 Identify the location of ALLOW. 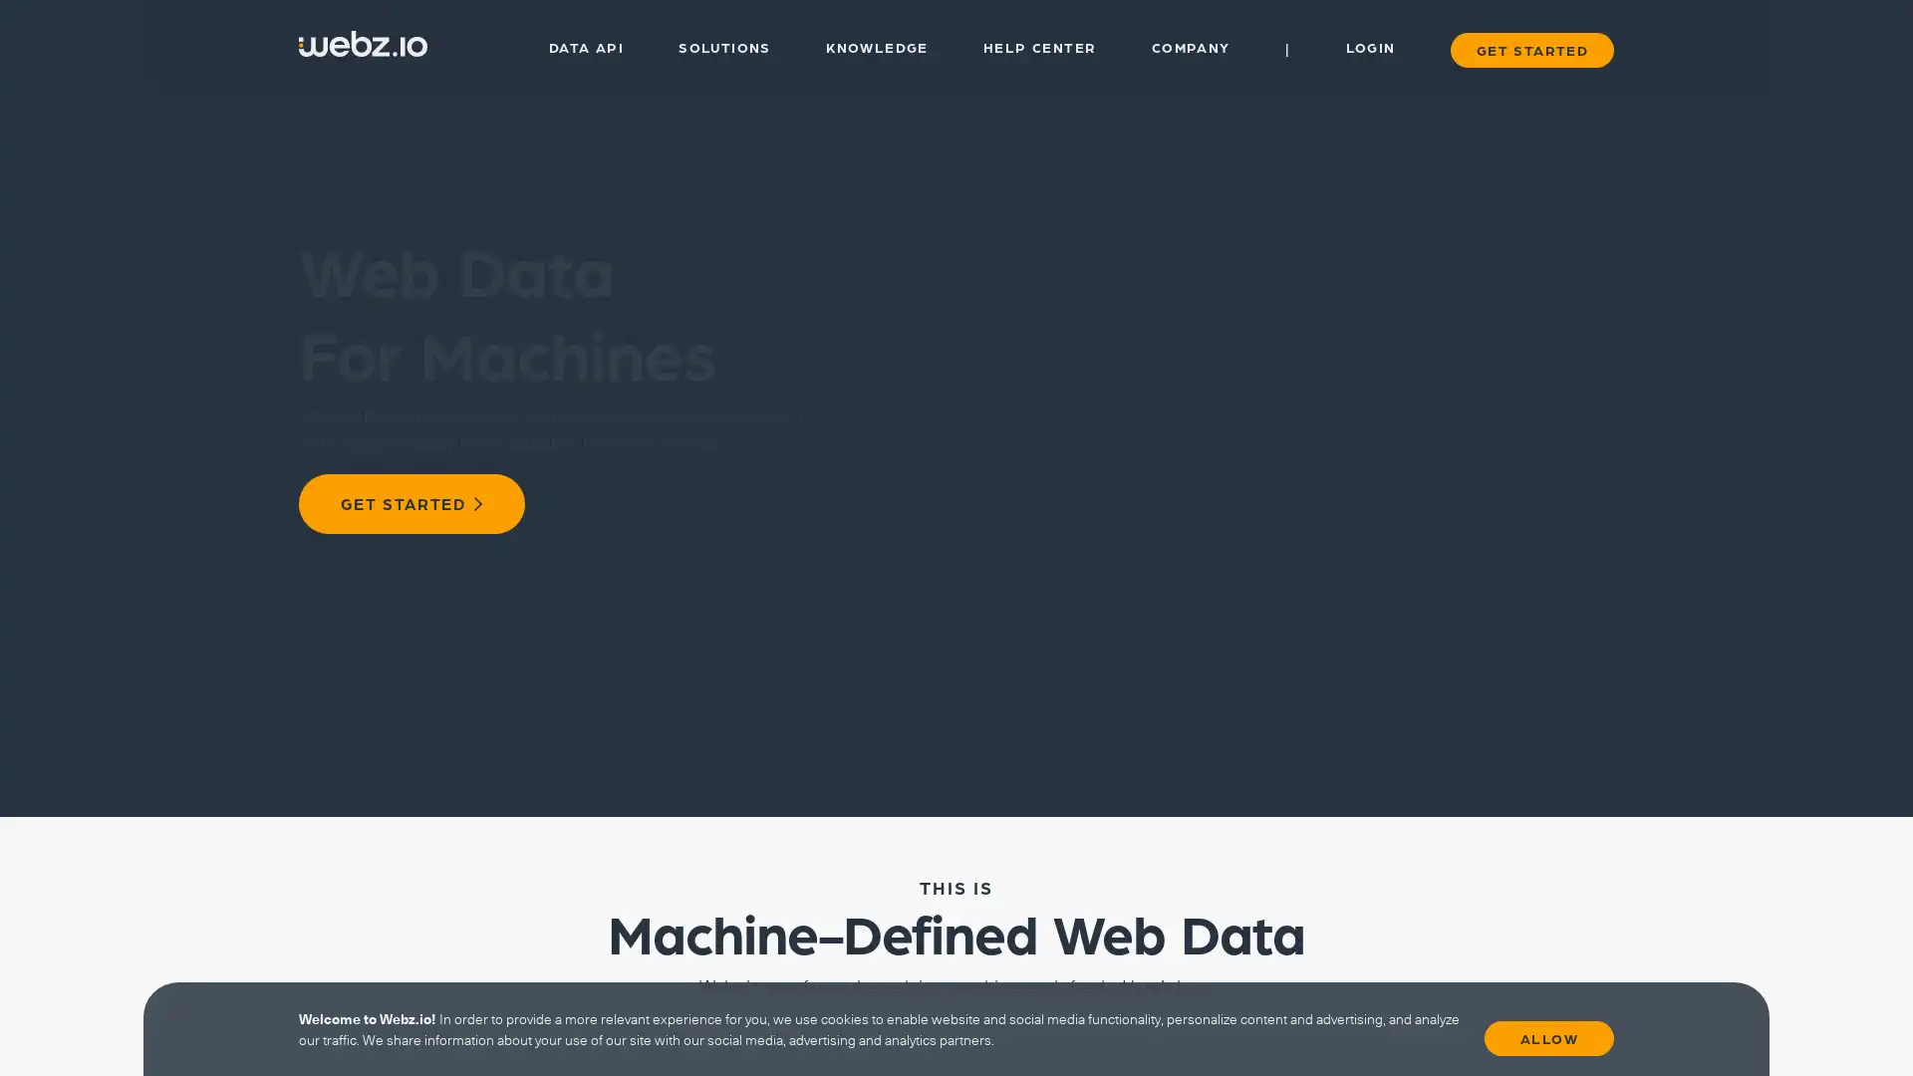
(1548, 1033).